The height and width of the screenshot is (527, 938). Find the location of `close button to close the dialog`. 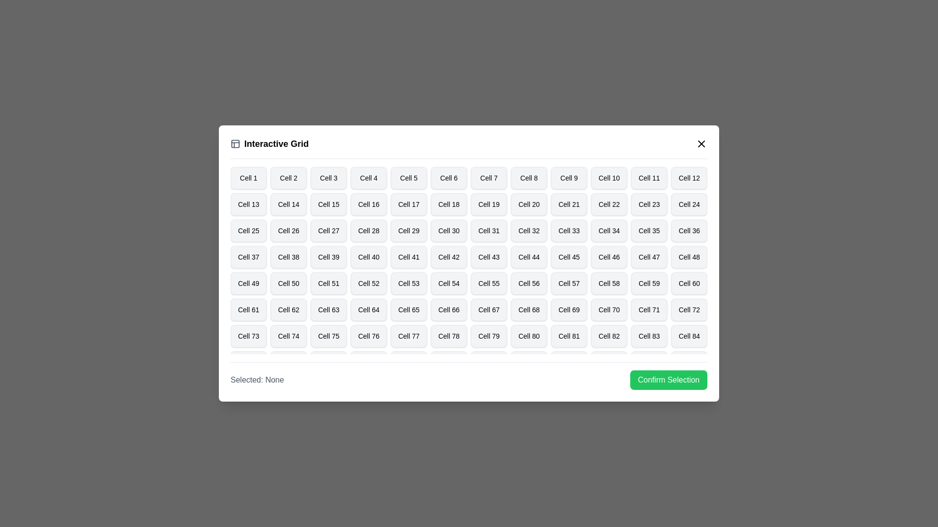

close button to close the dialog is located at coordinates (701, 143).